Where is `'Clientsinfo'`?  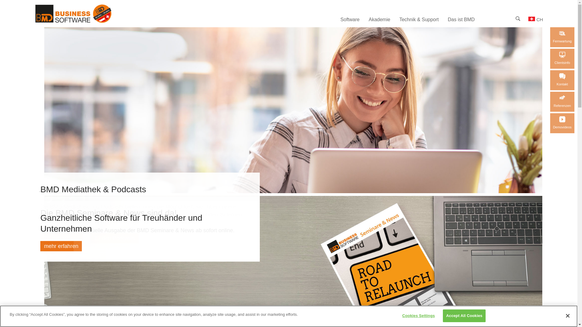 'Clientsinfo' is located at coordinates (562, 58).